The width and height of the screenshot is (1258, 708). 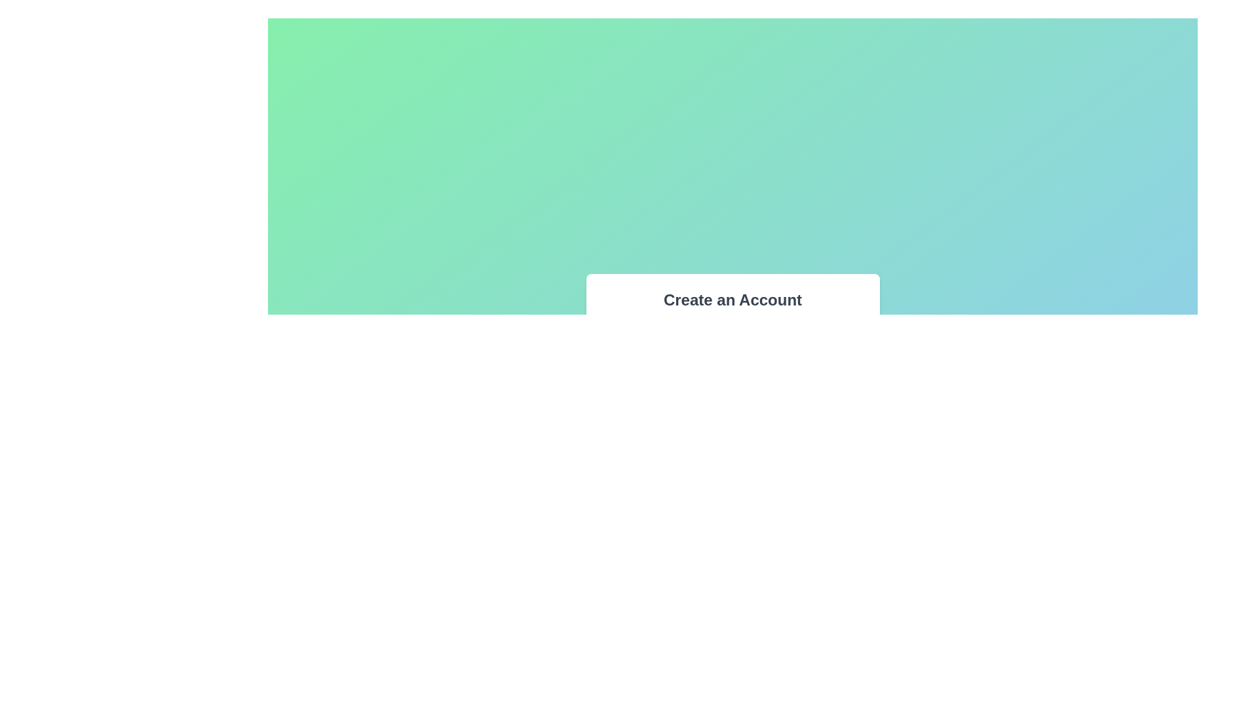 I want to click on the prominently styled text label reading 'Create an Account', which is displayed in bold and larger font at the top of the form interface, so click(x=732, y=300).